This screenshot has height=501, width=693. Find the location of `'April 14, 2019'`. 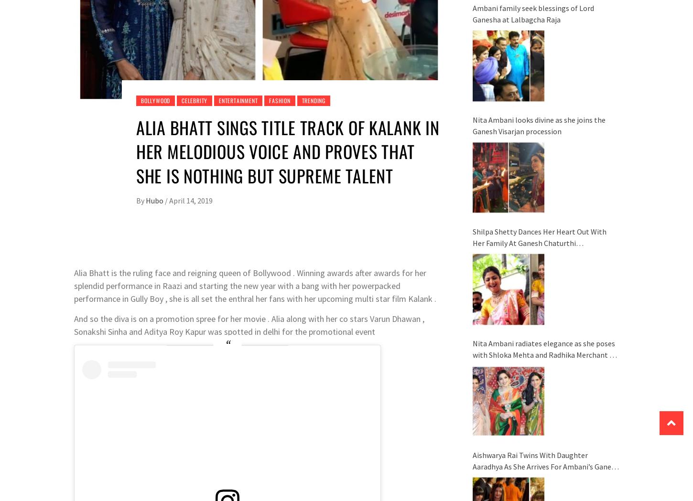

'April 14, 2019' is located at coordinates (190, 199).